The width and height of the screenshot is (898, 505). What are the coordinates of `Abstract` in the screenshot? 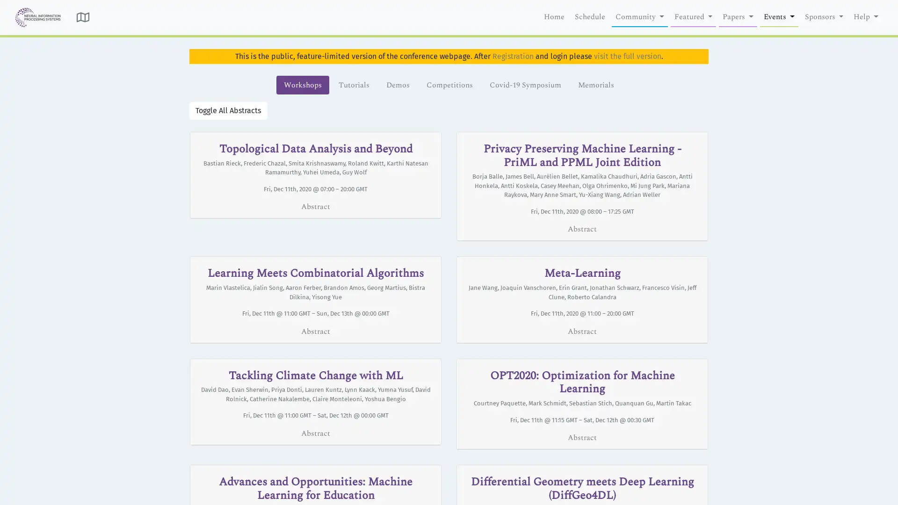 It's located at (581, 229).